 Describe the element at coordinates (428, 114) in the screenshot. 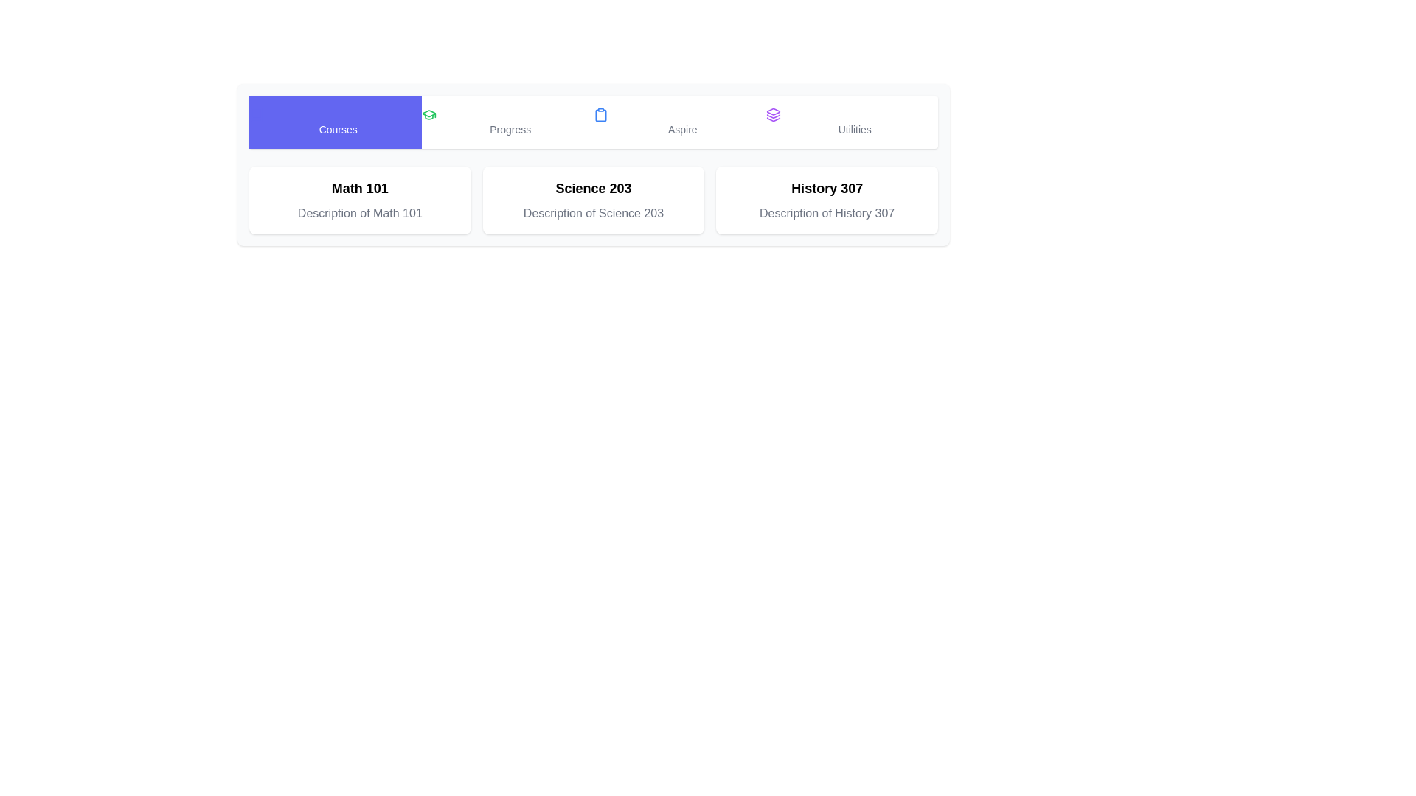

I see `the green graduation cap icon in the navigation menu` at that location.